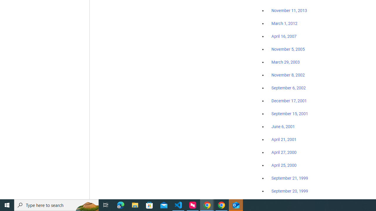 This screenshot has height=211, width=376. Describe the element at coordinates (289, 11) in the screenshot. I see `'November 11, 2013'` at that location.